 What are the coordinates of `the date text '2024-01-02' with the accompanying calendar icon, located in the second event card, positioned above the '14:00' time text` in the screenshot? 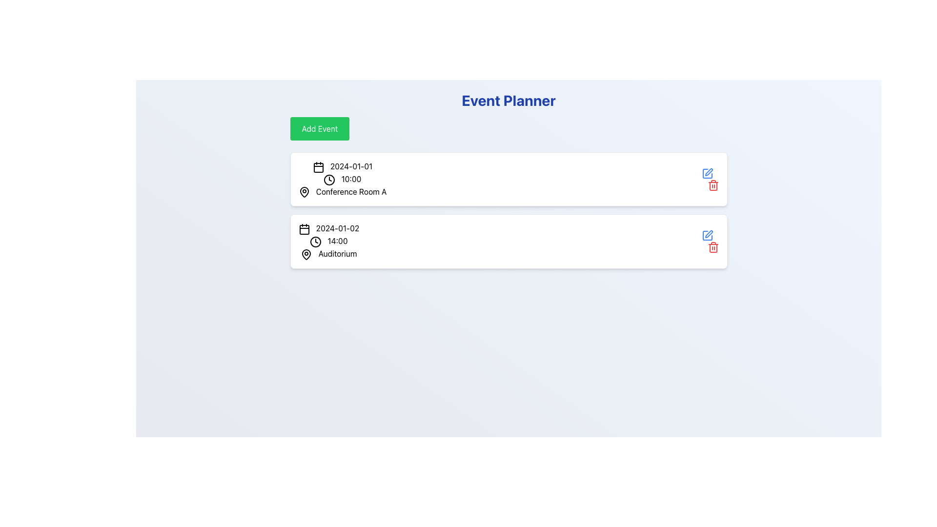 It's located at (328, 229).